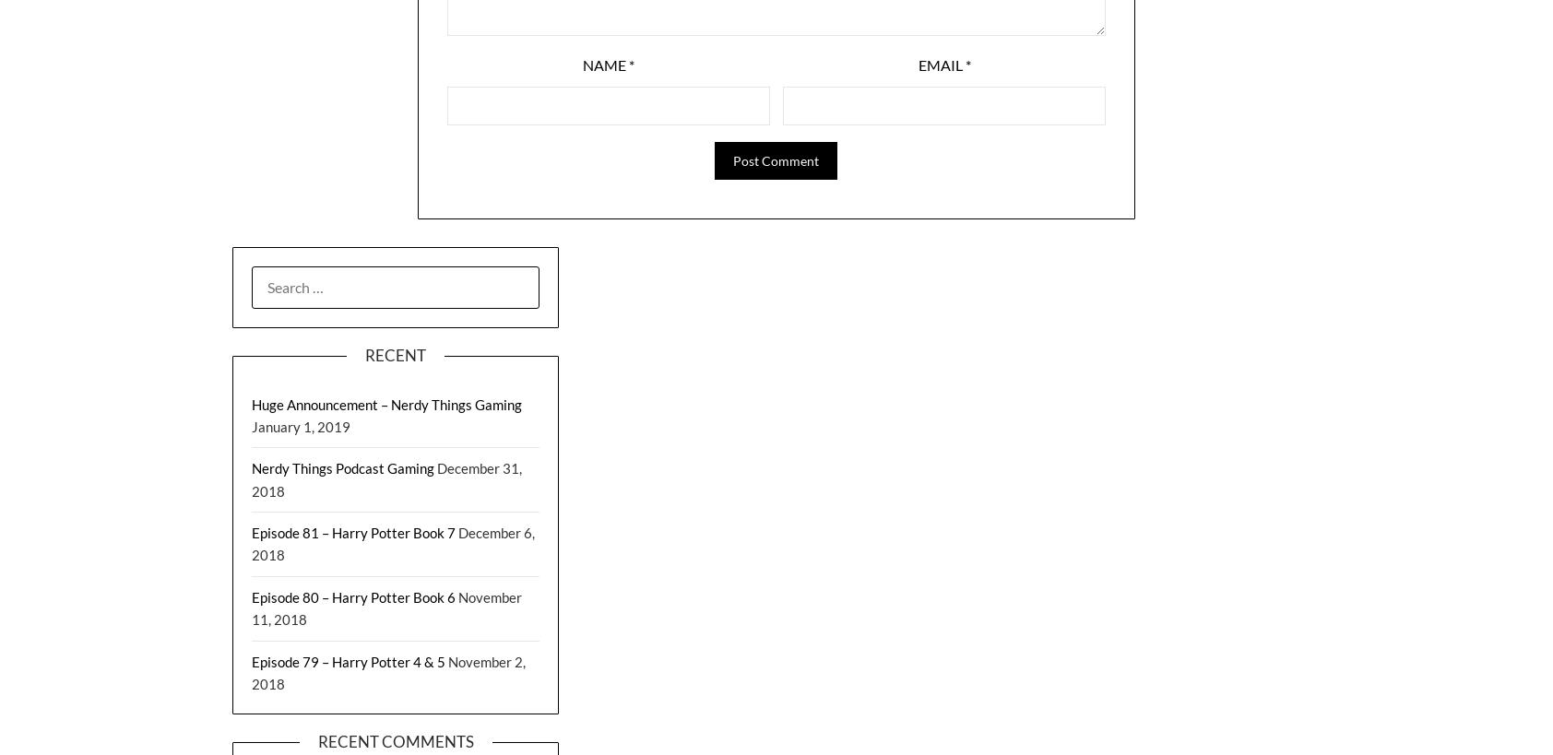 The width and height of the screenshot is (1553, 755). Describe the element at coordinates (349, 660) in the screenshot. I see `'Episode 79 – Harry Potter 4 & 5'` at that location.